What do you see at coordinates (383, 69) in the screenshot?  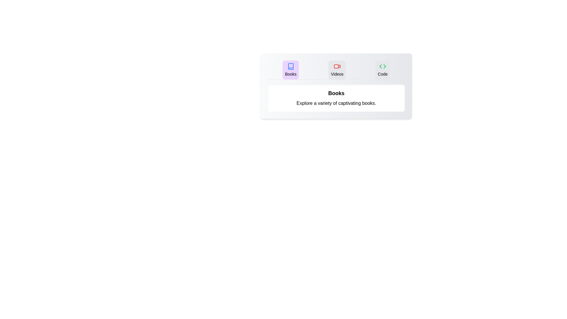 I see `the Code tab by clicking on it` at bounding box center [383, 69].